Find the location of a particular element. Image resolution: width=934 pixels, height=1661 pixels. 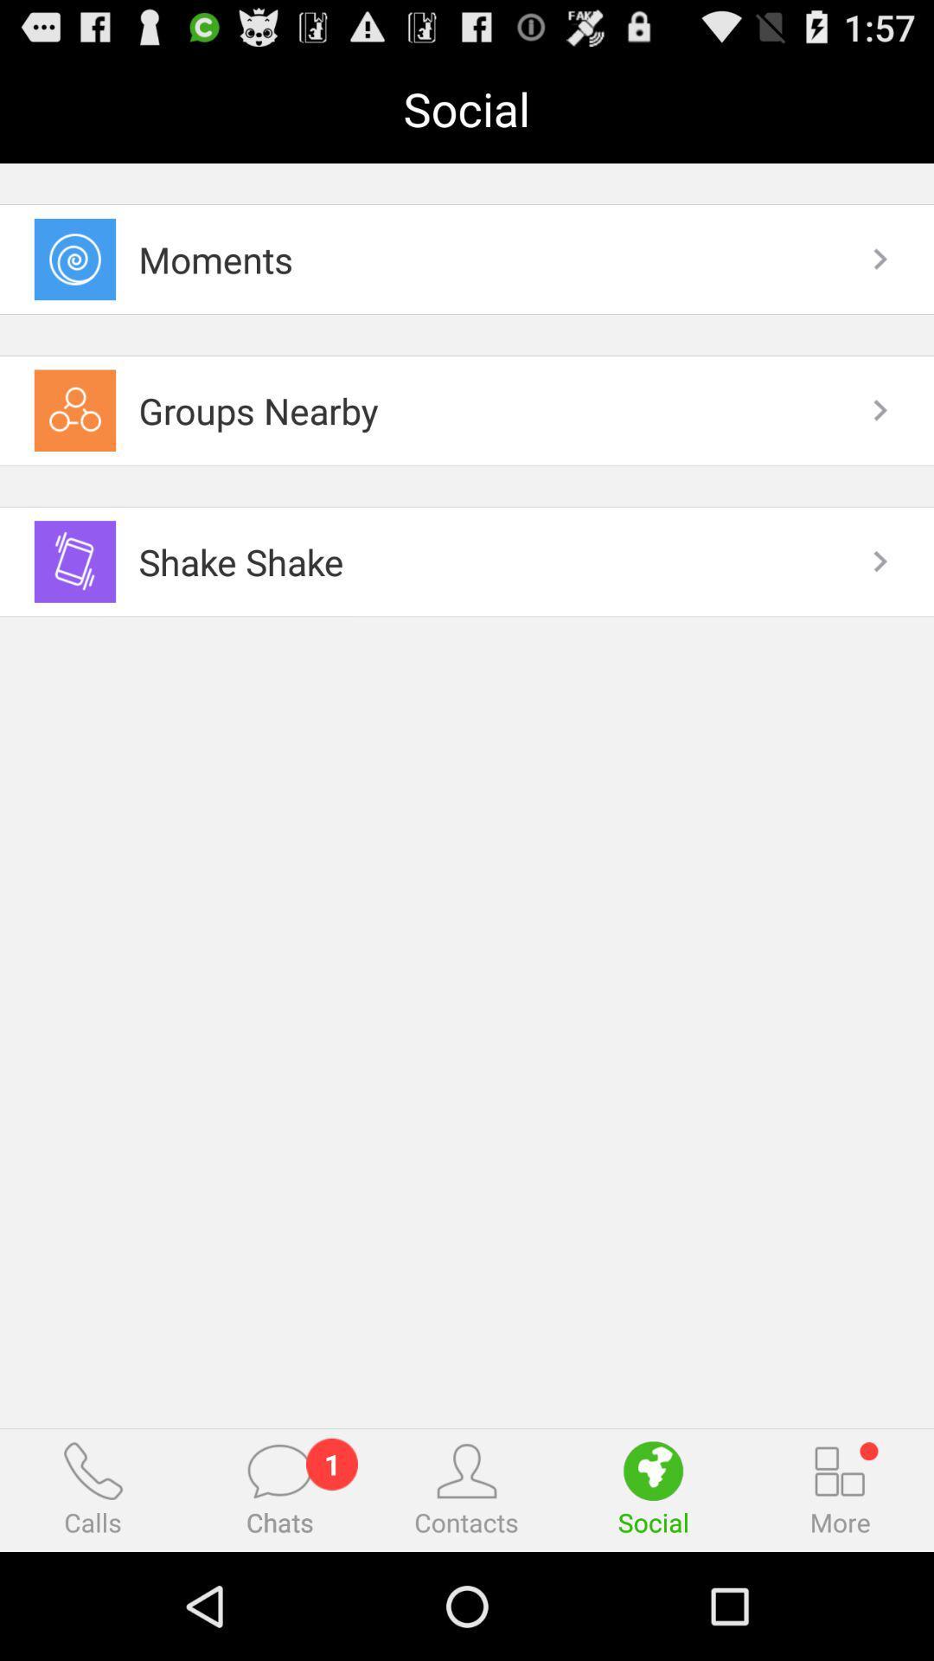

telephone symbol is located at coordinates (93, 1470).